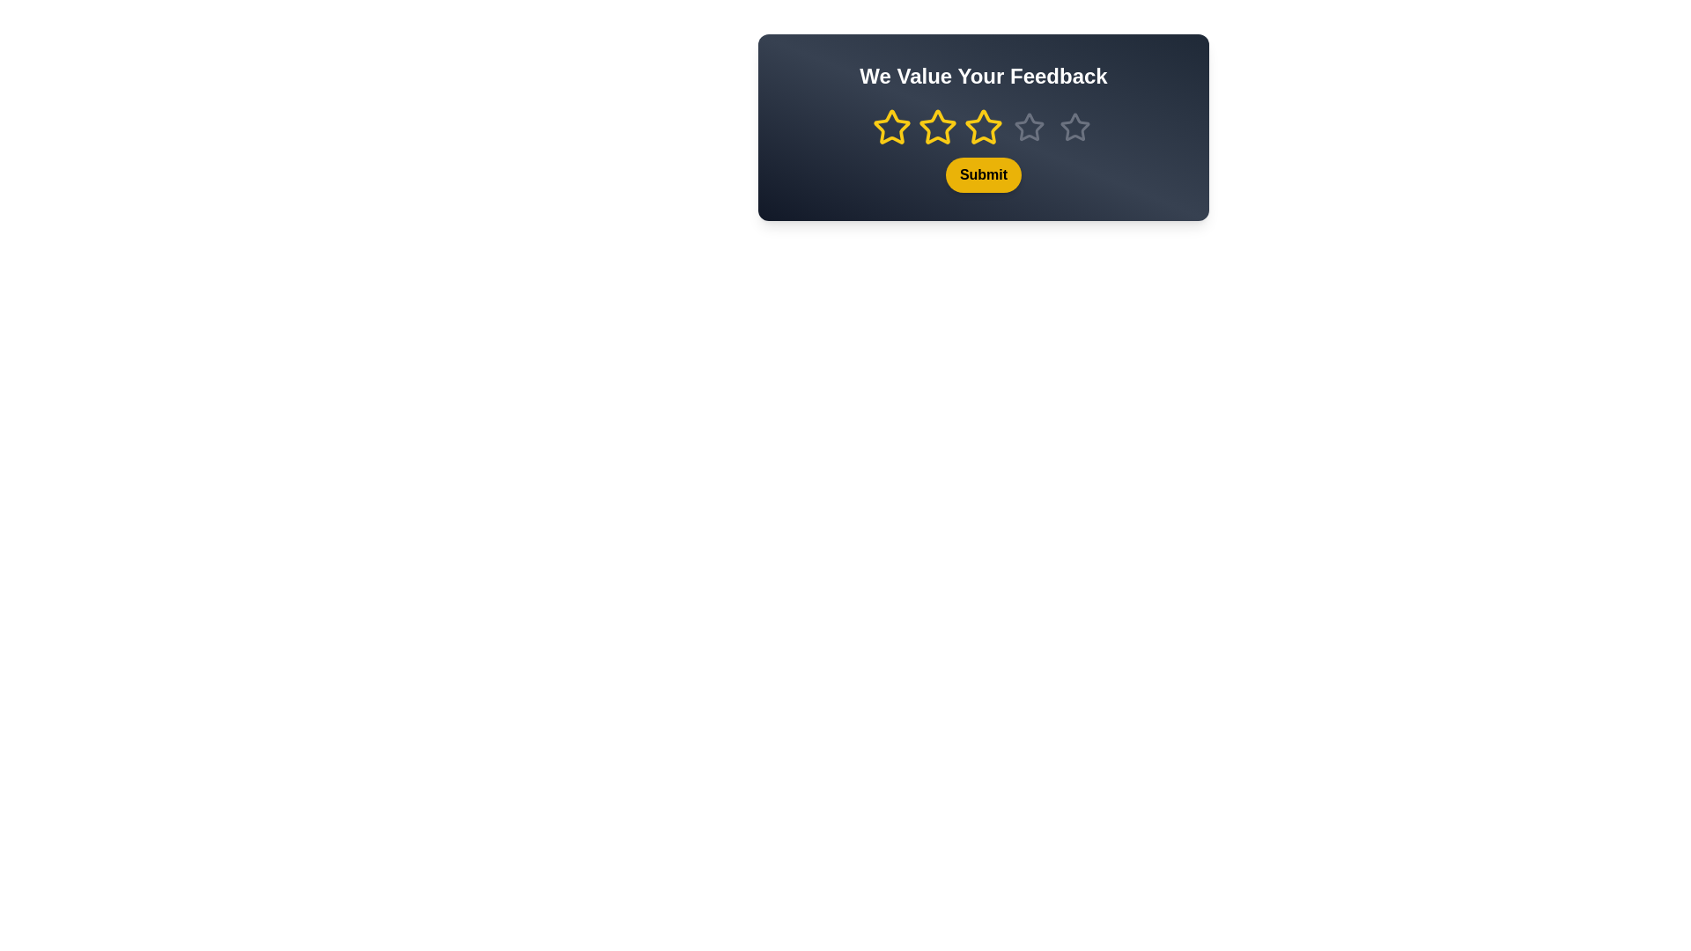  I want to click on the first star icon, so click(891, 126).